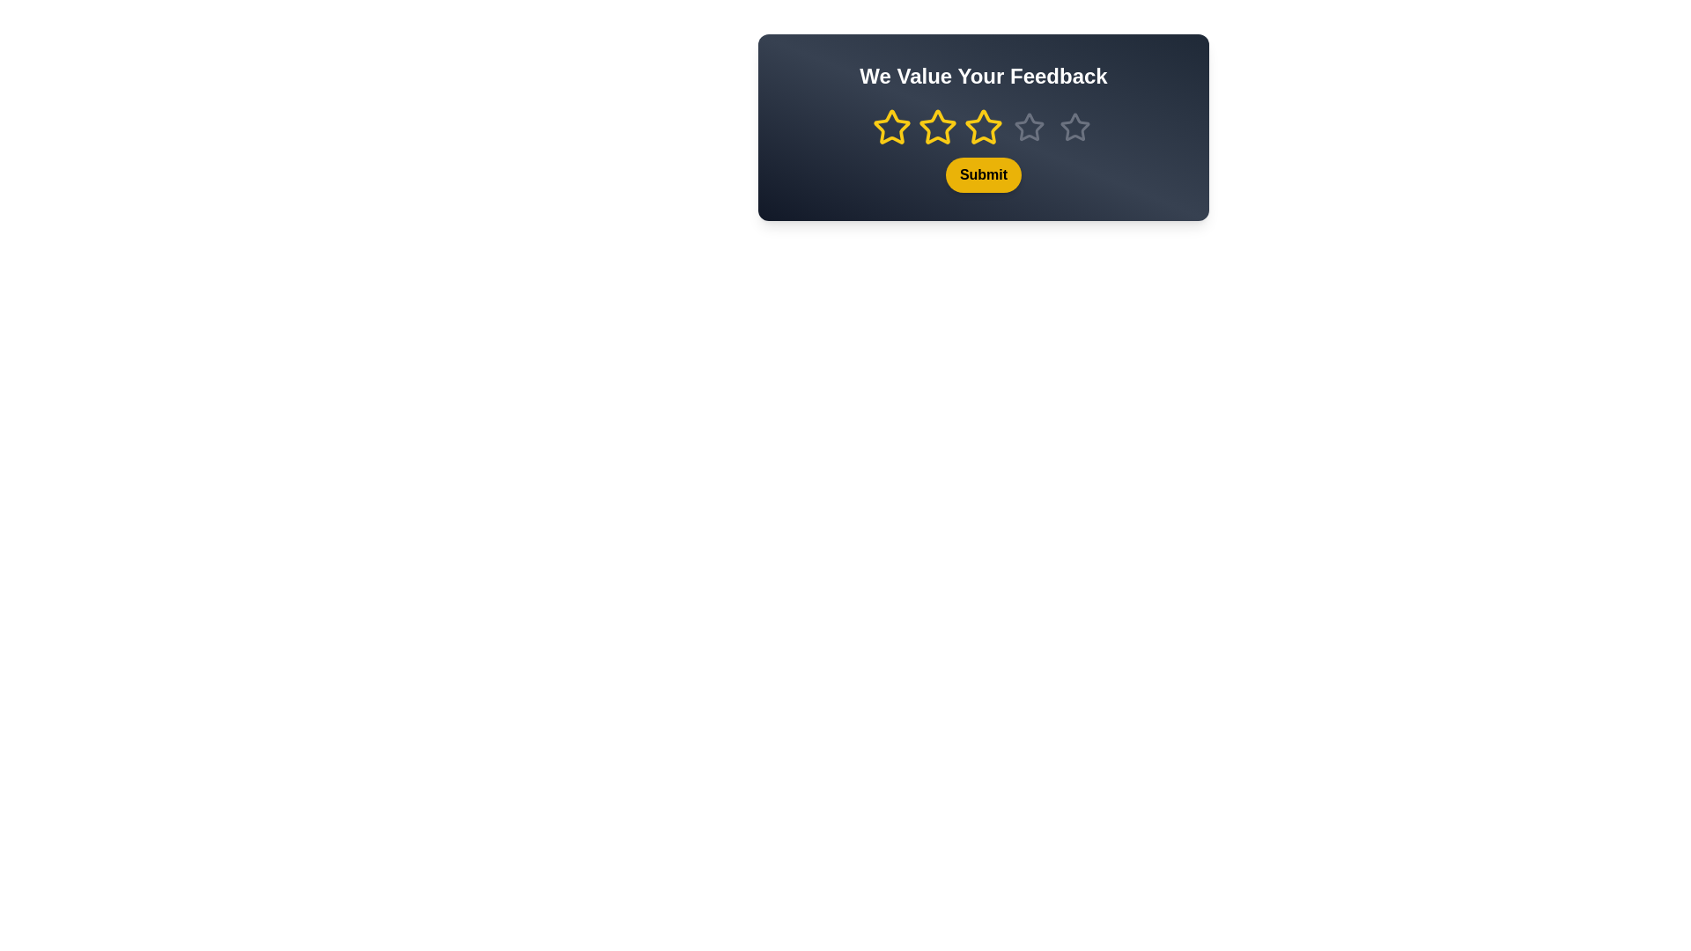  I want to click on the first star icon, so click(891, 126).